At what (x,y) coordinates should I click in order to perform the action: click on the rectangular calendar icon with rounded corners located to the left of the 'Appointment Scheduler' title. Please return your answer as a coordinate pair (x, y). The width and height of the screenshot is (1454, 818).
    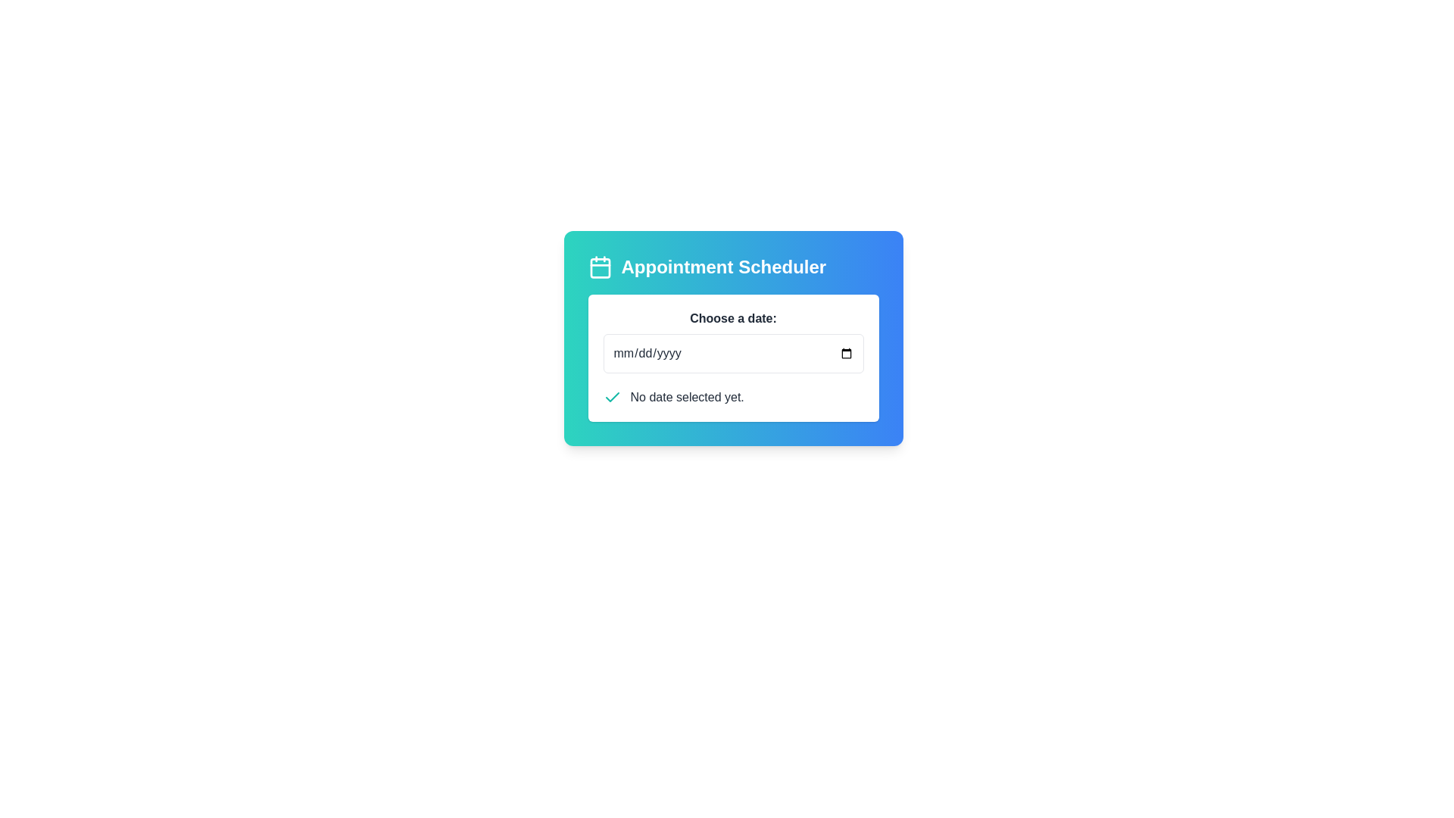
    Looking at the image, I should click on (599, 267).